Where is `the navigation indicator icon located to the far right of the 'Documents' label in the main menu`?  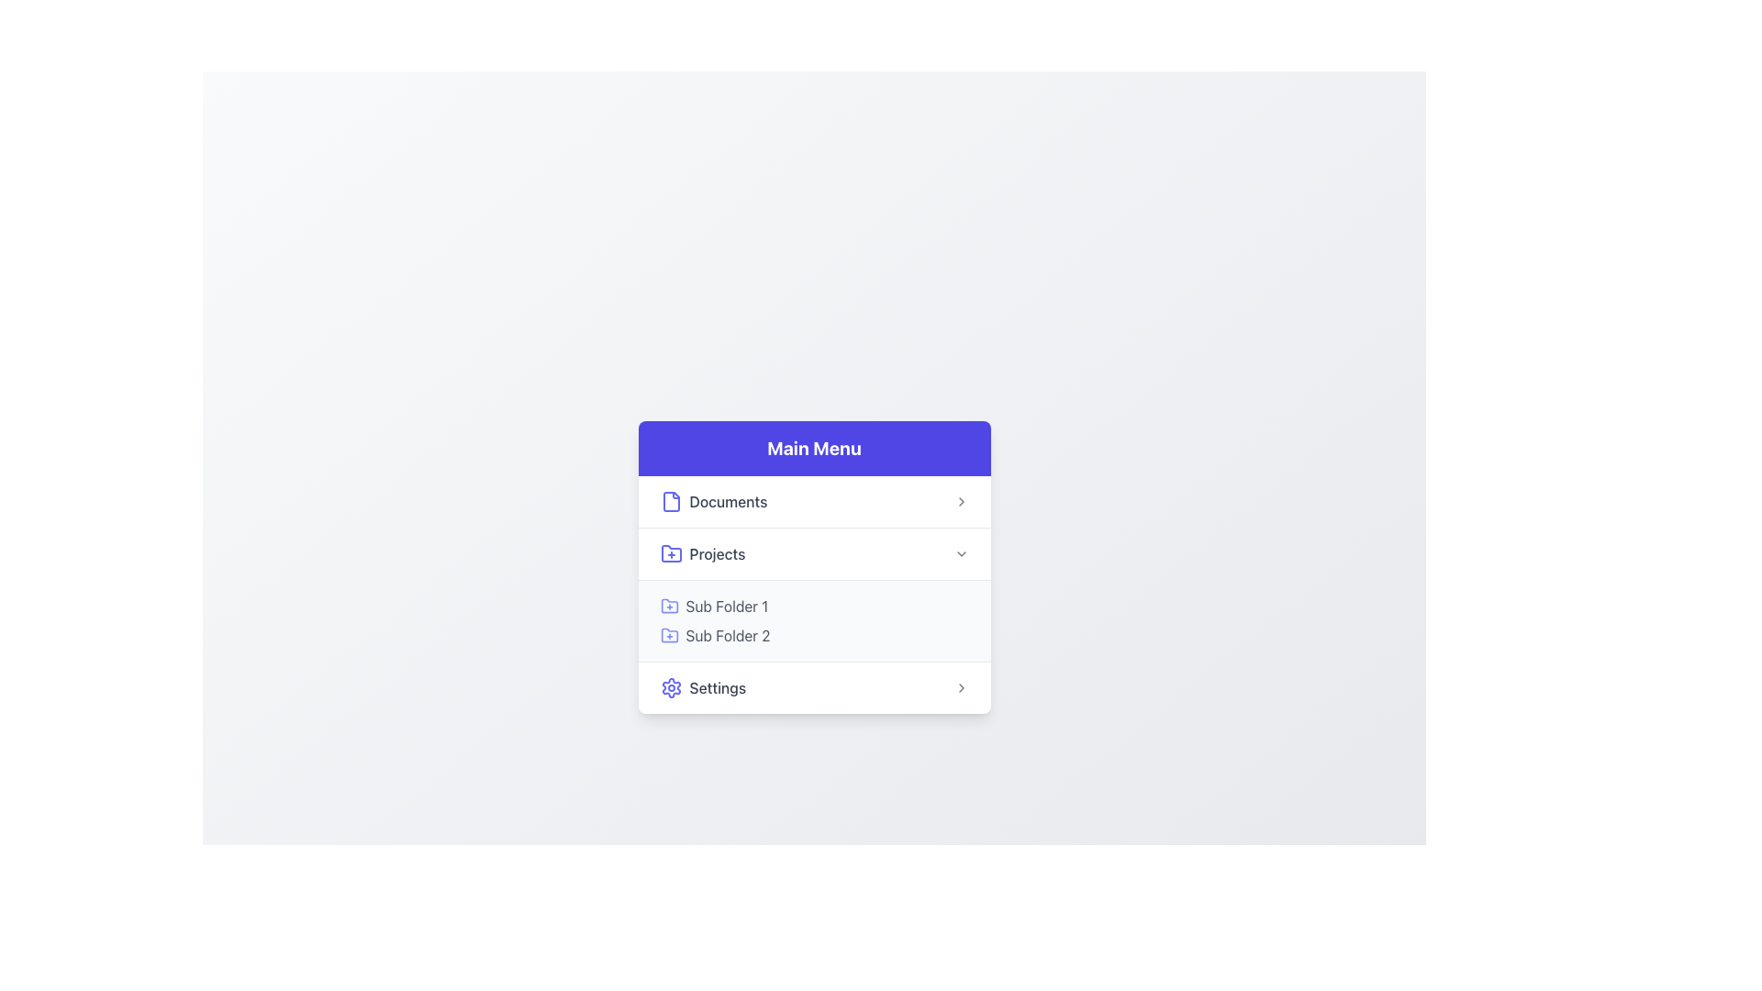 the navigation indicator icon located to the far right of the 'Documents' label in the main menu is located at coordinates (960, 501).